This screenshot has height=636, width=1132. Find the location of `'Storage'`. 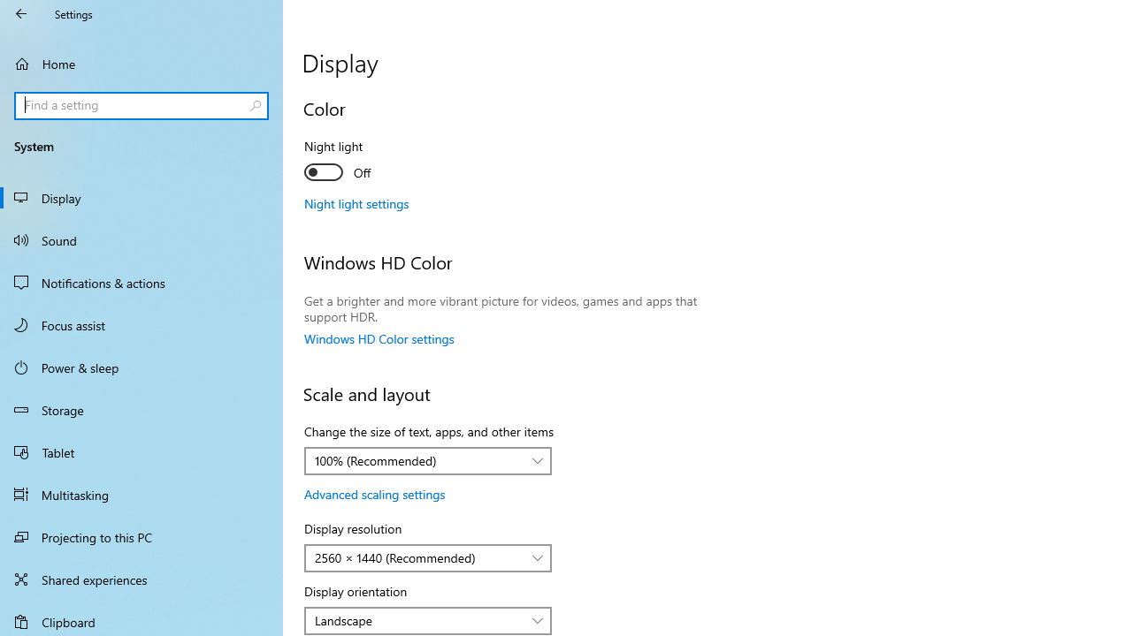

'Storage' is located at coordinates (141, 410).